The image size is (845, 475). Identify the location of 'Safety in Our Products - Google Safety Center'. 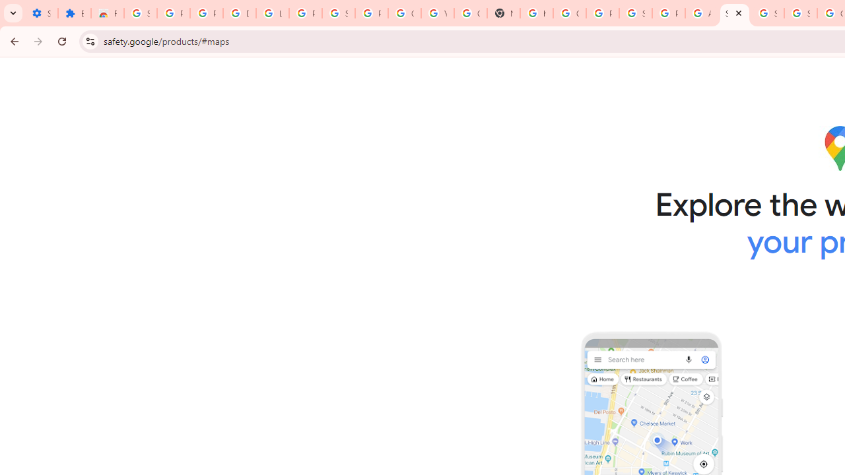
(733, 13).